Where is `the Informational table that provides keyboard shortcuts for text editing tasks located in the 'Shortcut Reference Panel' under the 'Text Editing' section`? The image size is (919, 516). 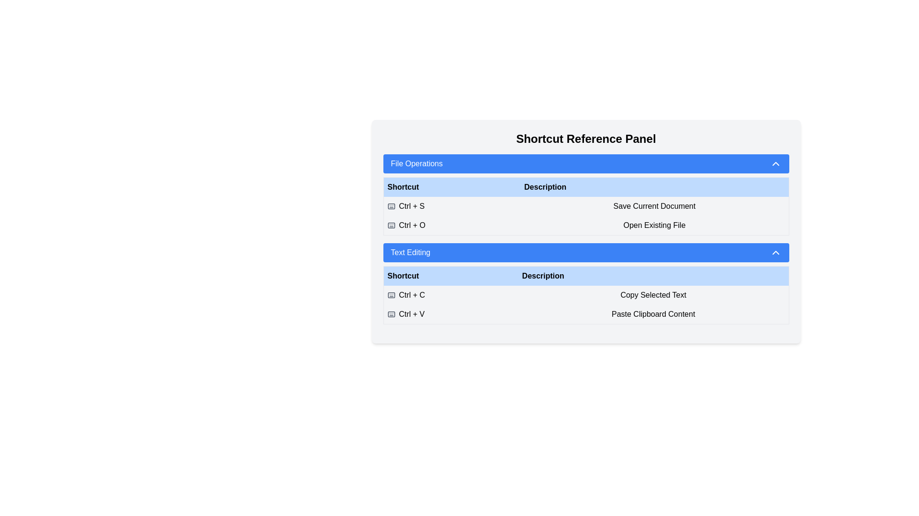 the Informational table that provides keyboard shortcuts for text editing tasks located in the 'Shortcut Reference Panel' under the 'Text Editing' section is located at coordinates (585, 283).